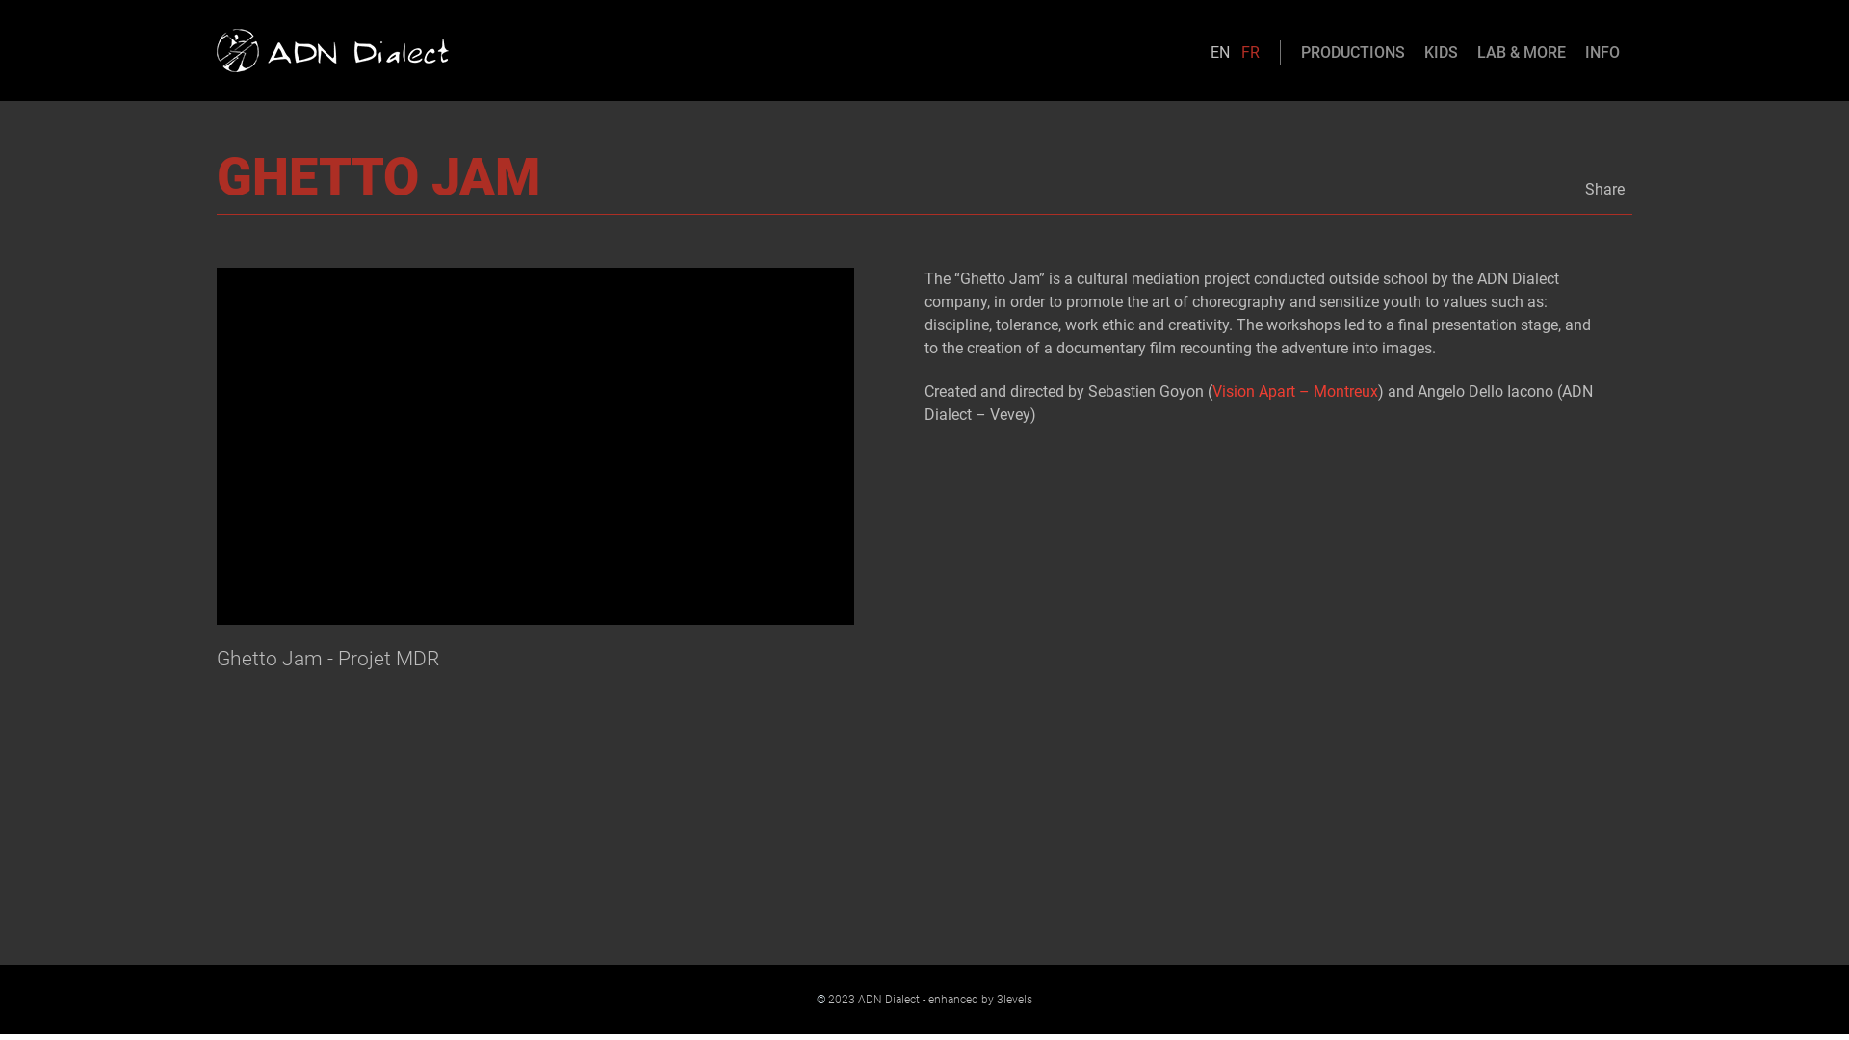 The image size is (1849, 1040). I want to click on 'PRODUCTIONS', so click(1352, 51).